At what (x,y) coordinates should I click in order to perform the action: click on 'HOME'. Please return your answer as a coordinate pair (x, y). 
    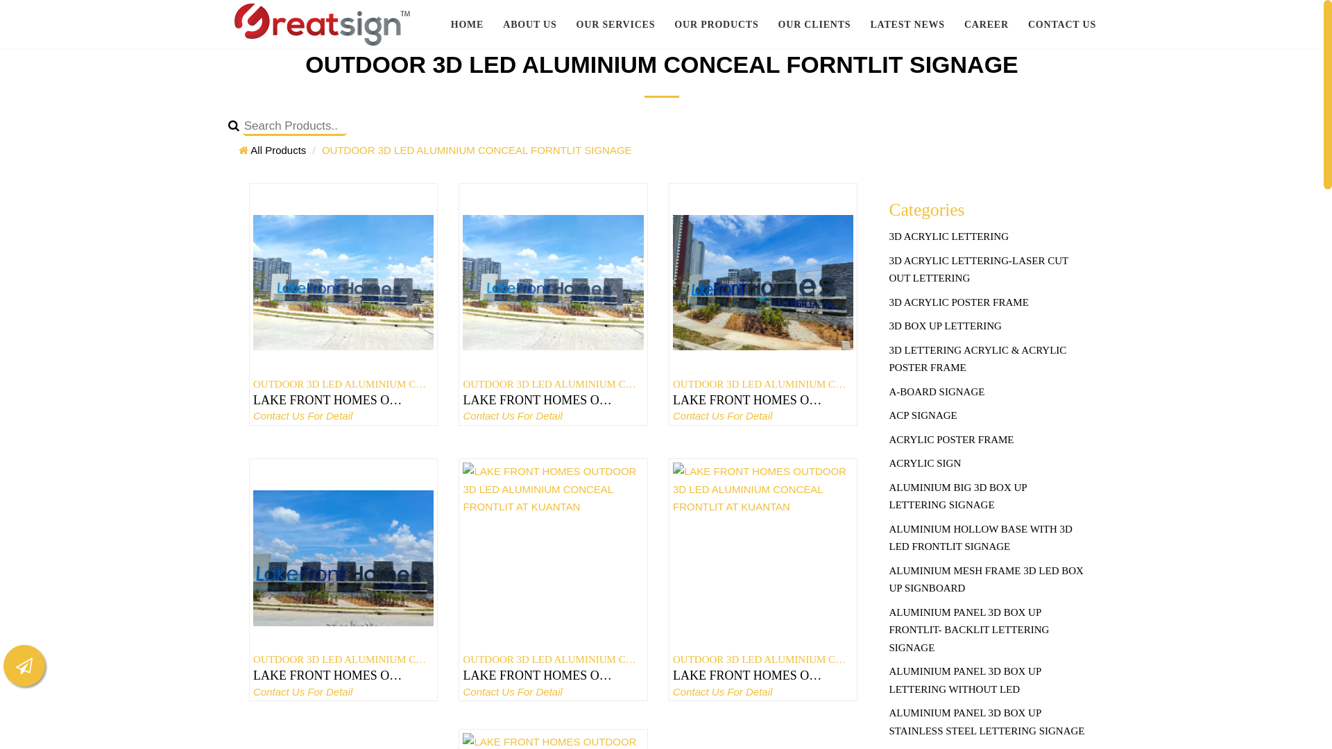
    Looking at the image, I should click on (467, 24).